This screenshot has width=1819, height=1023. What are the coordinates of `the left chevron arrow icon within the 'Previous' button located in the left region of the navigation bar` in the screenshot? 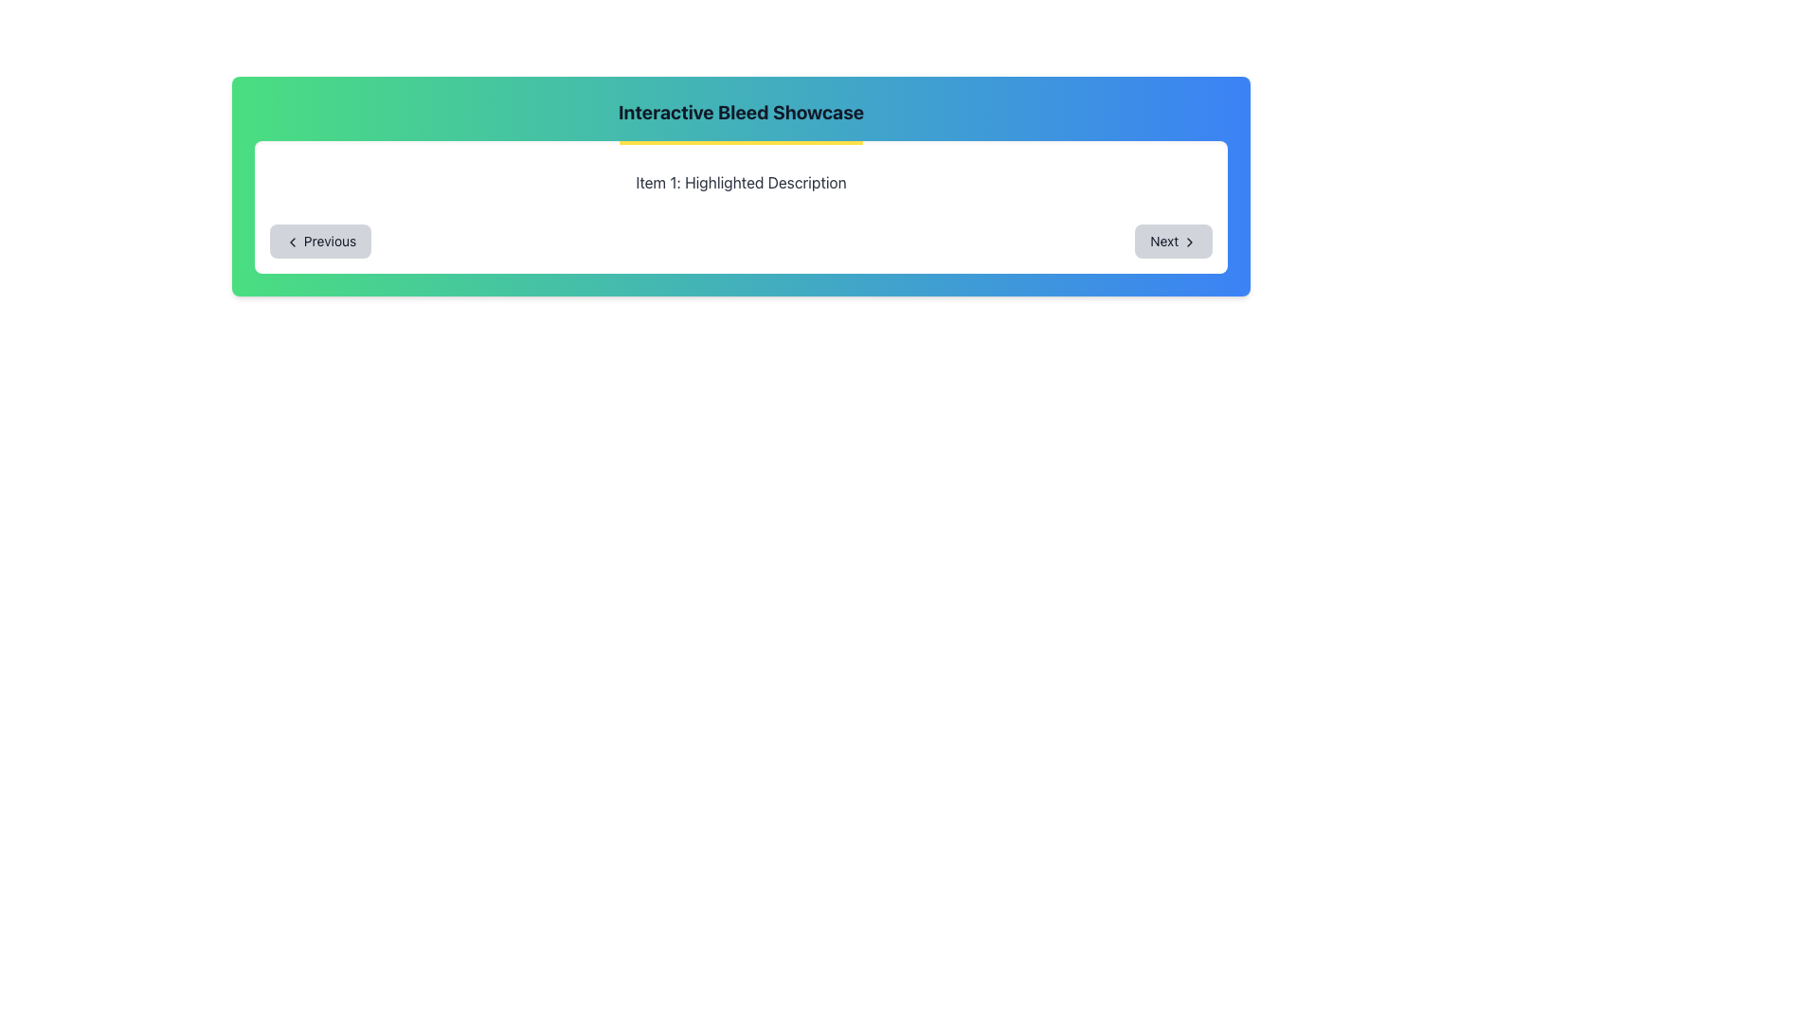 It's located at (291, 241).